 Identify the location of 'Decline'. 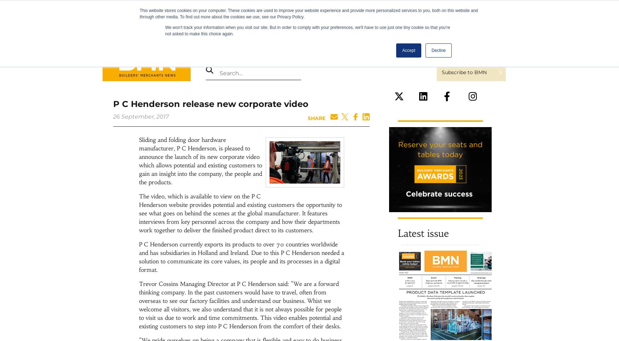
(438, 50).